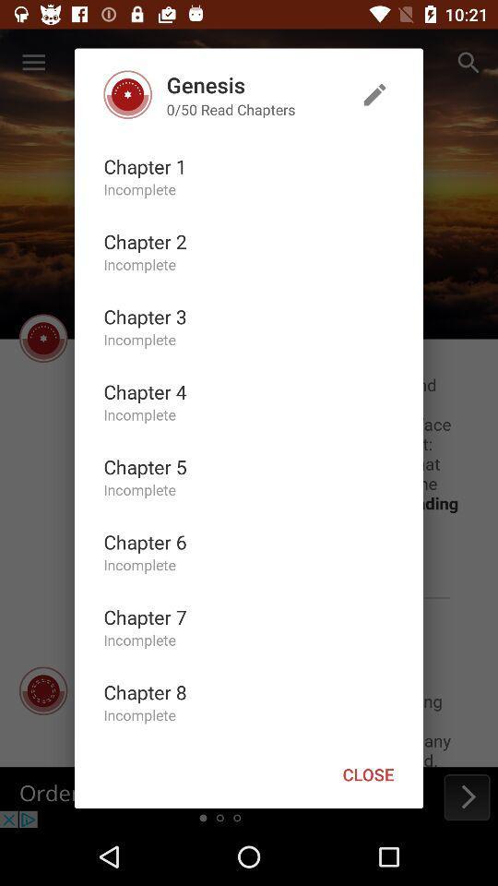 The height and width of the screenshot is (886, 498). I want to click on item below incomplete item, so click(144, 240).